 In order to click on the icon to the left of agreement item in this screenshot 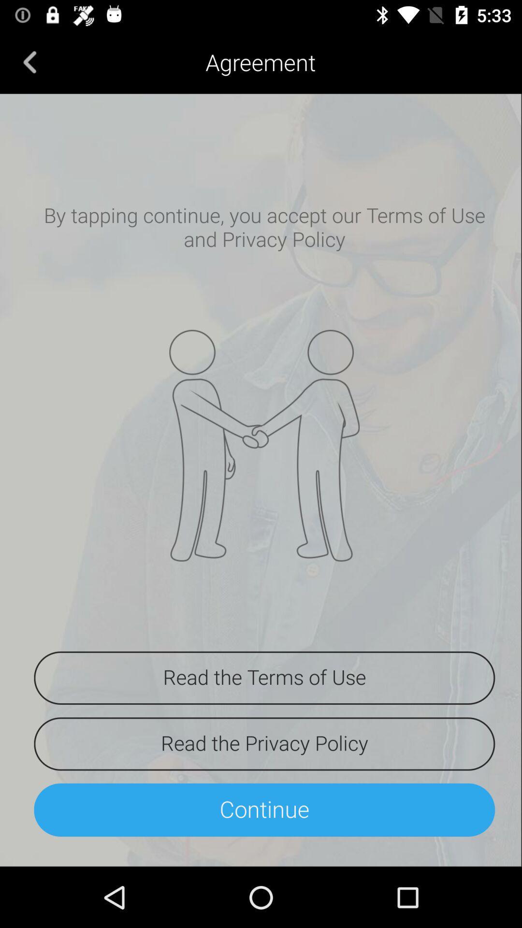, I will do `click(29, 61)`.